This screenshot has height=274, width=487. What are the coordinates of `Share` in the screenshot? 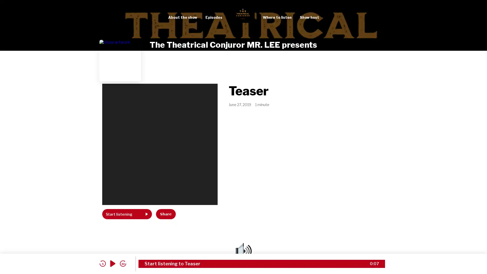 It's located at (166, 214).